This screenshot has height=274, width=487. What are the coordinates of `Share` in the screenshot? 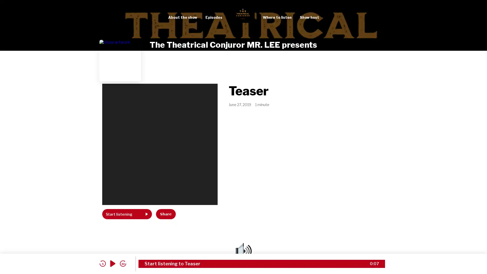 It's located at (166, 214).